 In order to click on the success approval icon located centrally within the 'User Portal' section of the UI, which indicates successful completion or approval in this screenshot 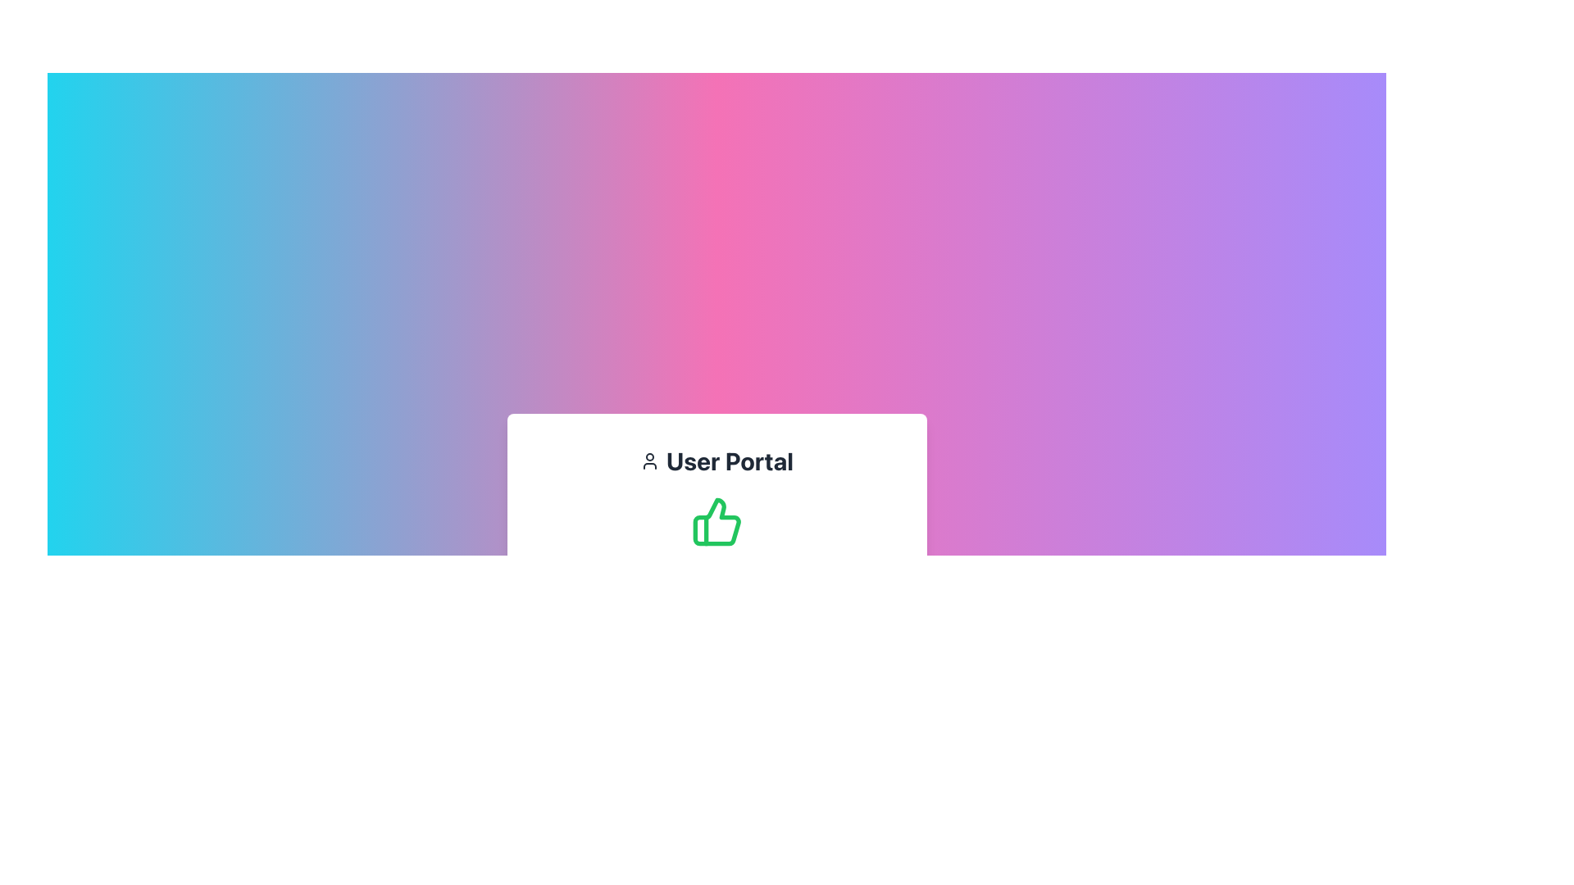, I will do `click(716, 540)`.